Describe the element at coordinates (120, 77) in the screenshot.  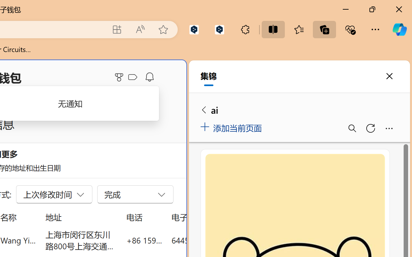
I see `'Microsoft Rewards'` at that location.